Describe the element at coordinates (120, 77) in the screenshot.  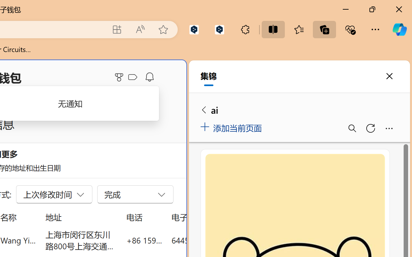
I see `'Microsoft Rewards'` at that location.